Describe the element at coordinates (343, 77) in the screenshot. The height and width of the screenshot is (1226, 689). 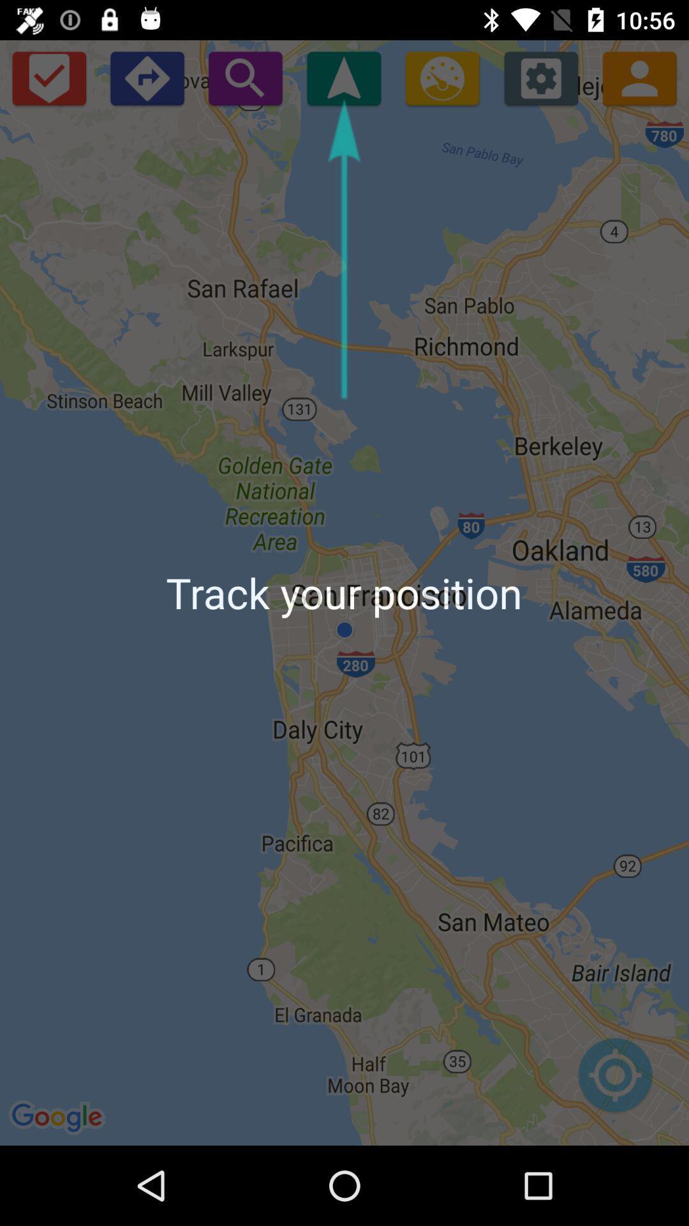
I see `the navigation icon` at that location.